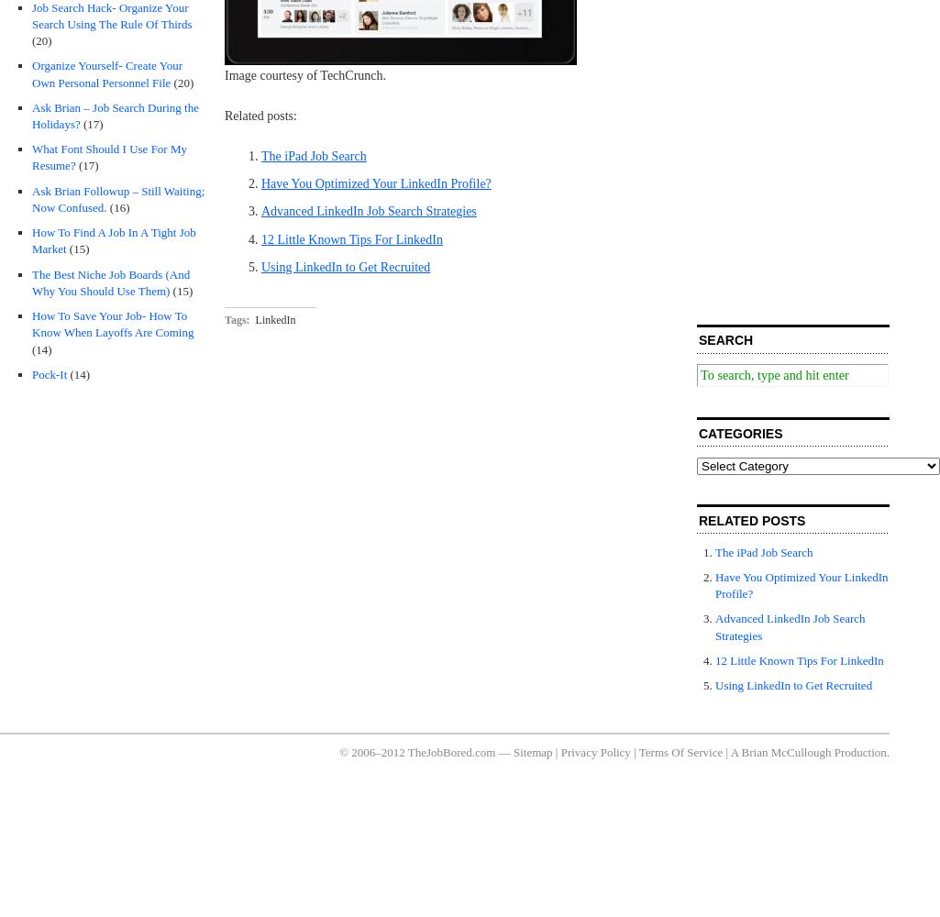 This screenshot has height=917, width=940. I want to click on 'Have You Optimized Your LinkedIn Profile?', so click(376, 182).